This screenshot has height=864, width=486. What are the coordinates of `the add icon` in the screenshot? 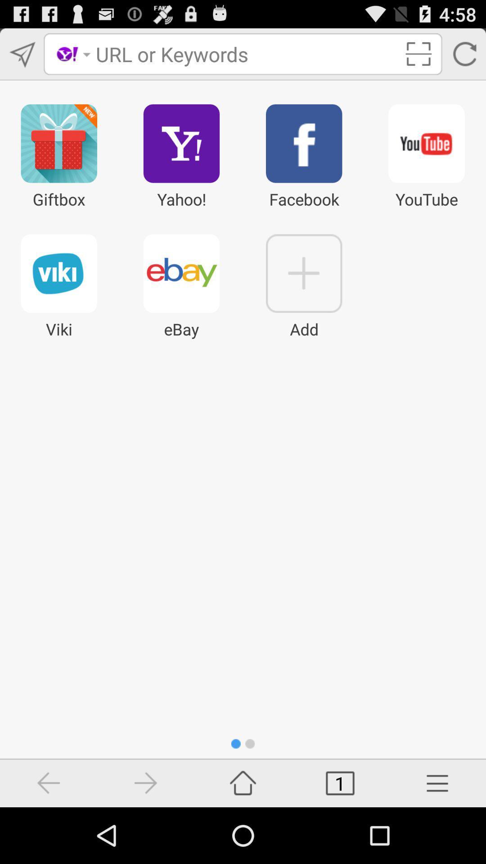 It's located at (304, 301).